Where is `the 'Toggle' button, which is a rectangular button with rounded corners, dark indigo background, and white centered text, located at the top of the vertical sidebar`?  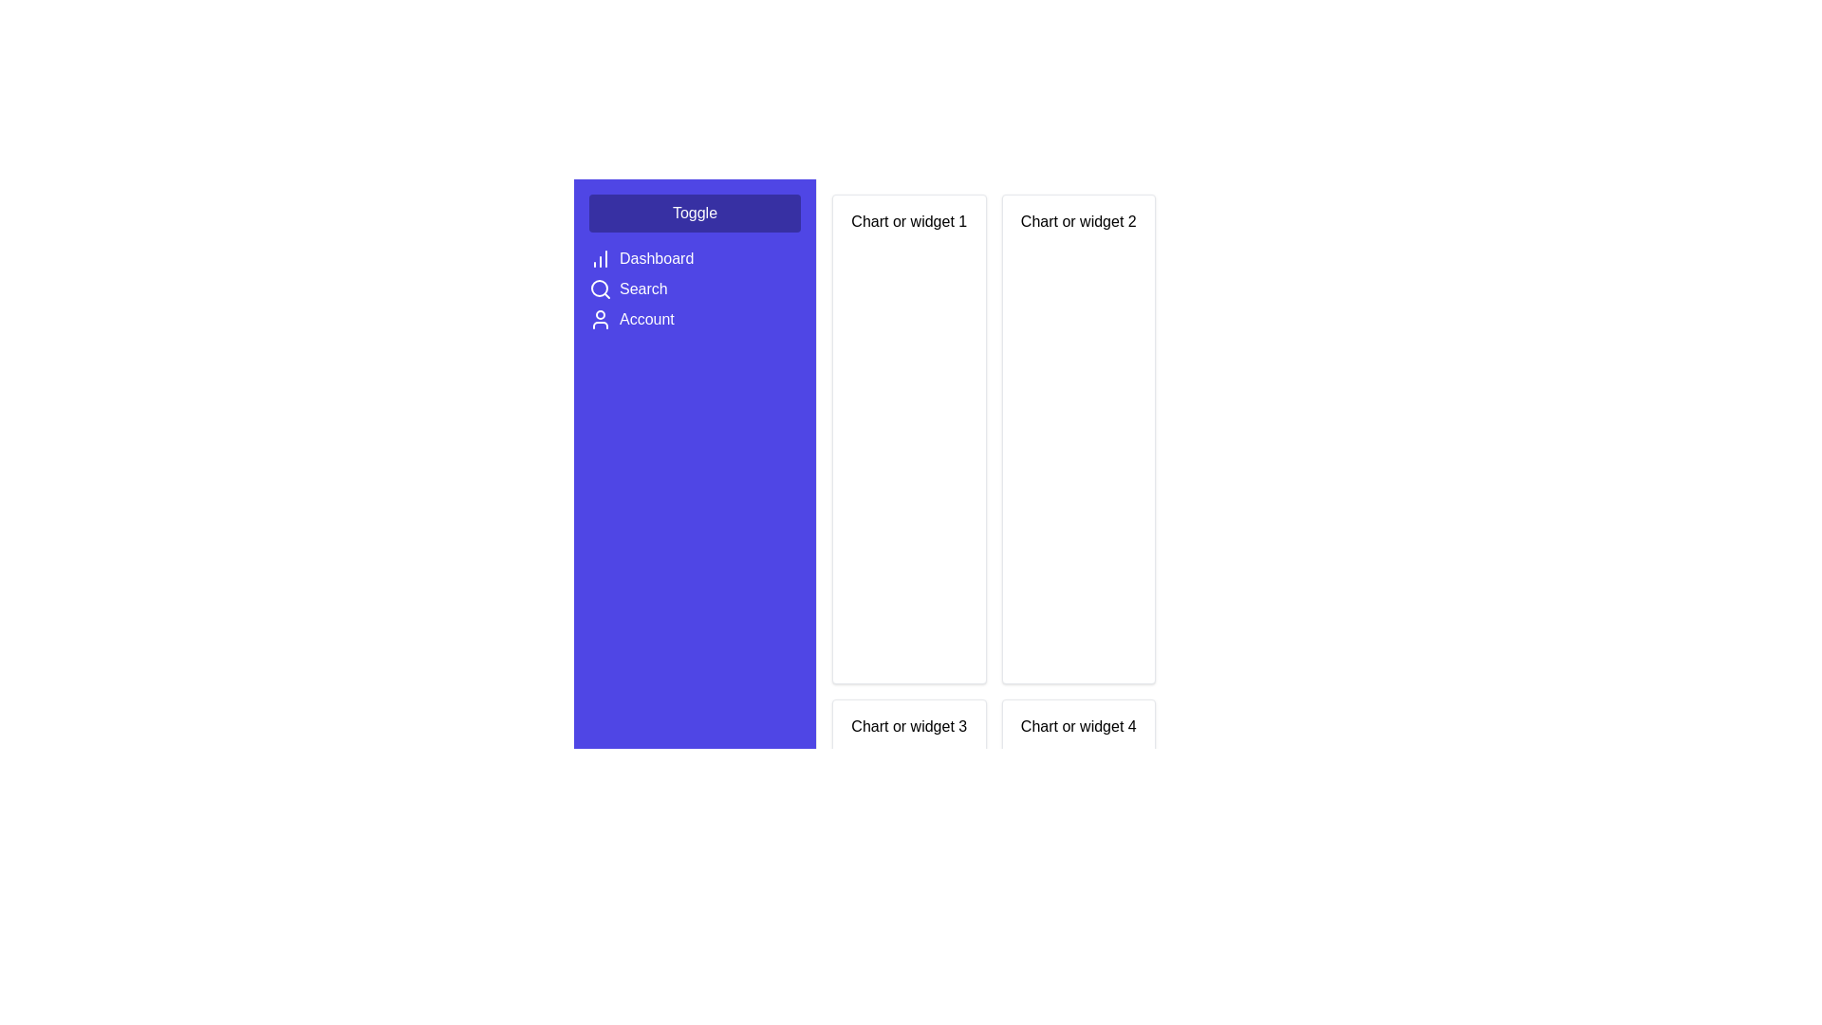
the 'Toggle' button, which is a rectangular button with rounded corners, dark indigo background, and white centered text, located at the top of the vertical sidebar is located at coordinates (694, 213).